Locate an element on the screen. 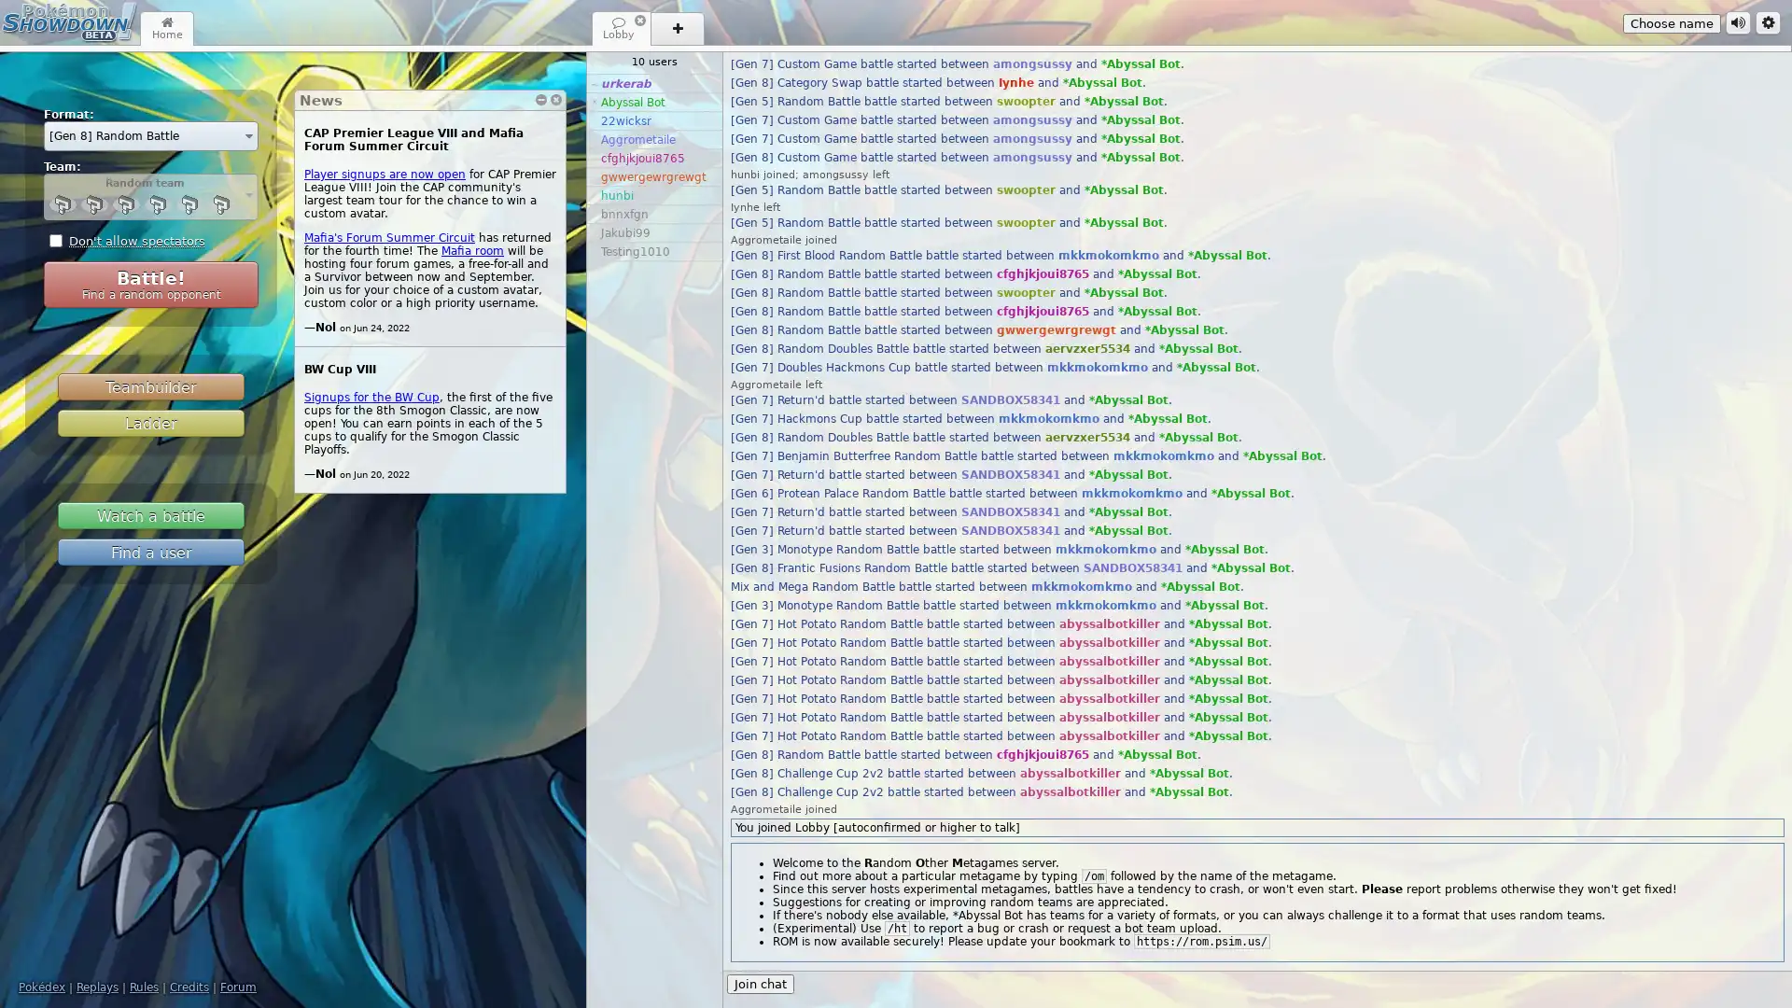  Aggrometaile is located at coordinates (654, 138).